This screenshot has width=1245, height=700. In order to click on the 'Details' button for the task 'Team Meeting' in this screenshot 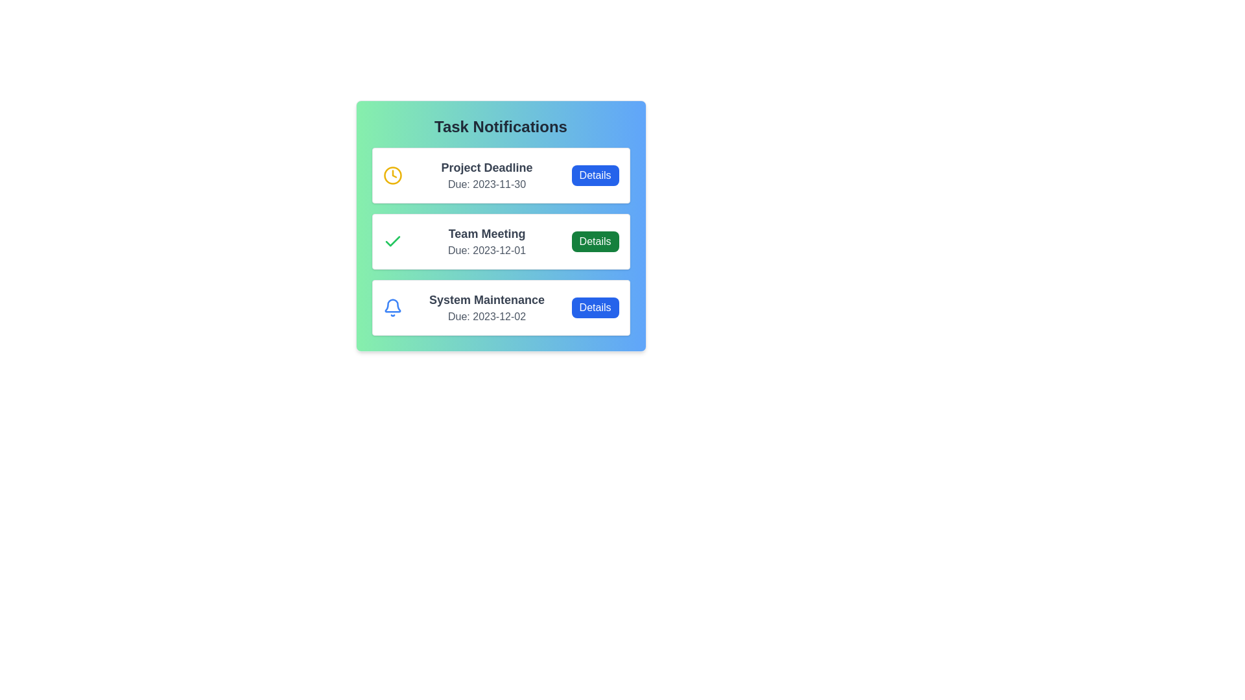, I will do `click(595, 242)`.